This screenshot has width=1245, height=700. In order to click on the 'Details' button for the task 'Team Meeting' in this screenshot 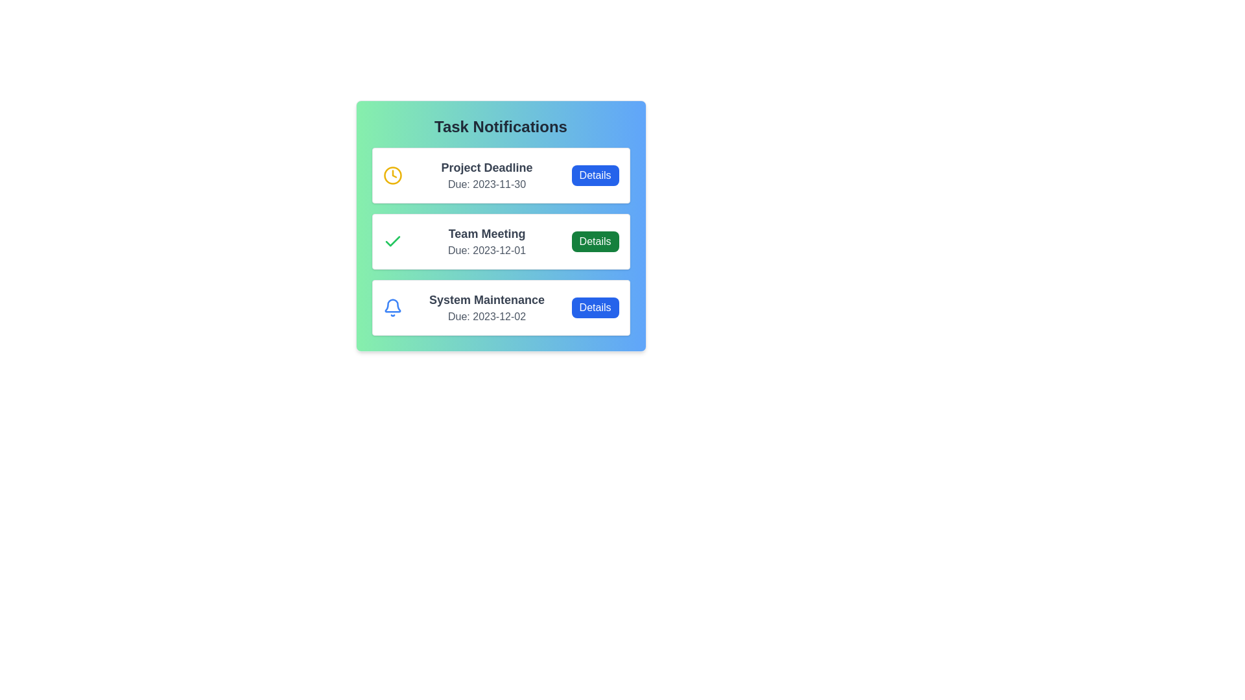, I will do `click(595, 242)`.